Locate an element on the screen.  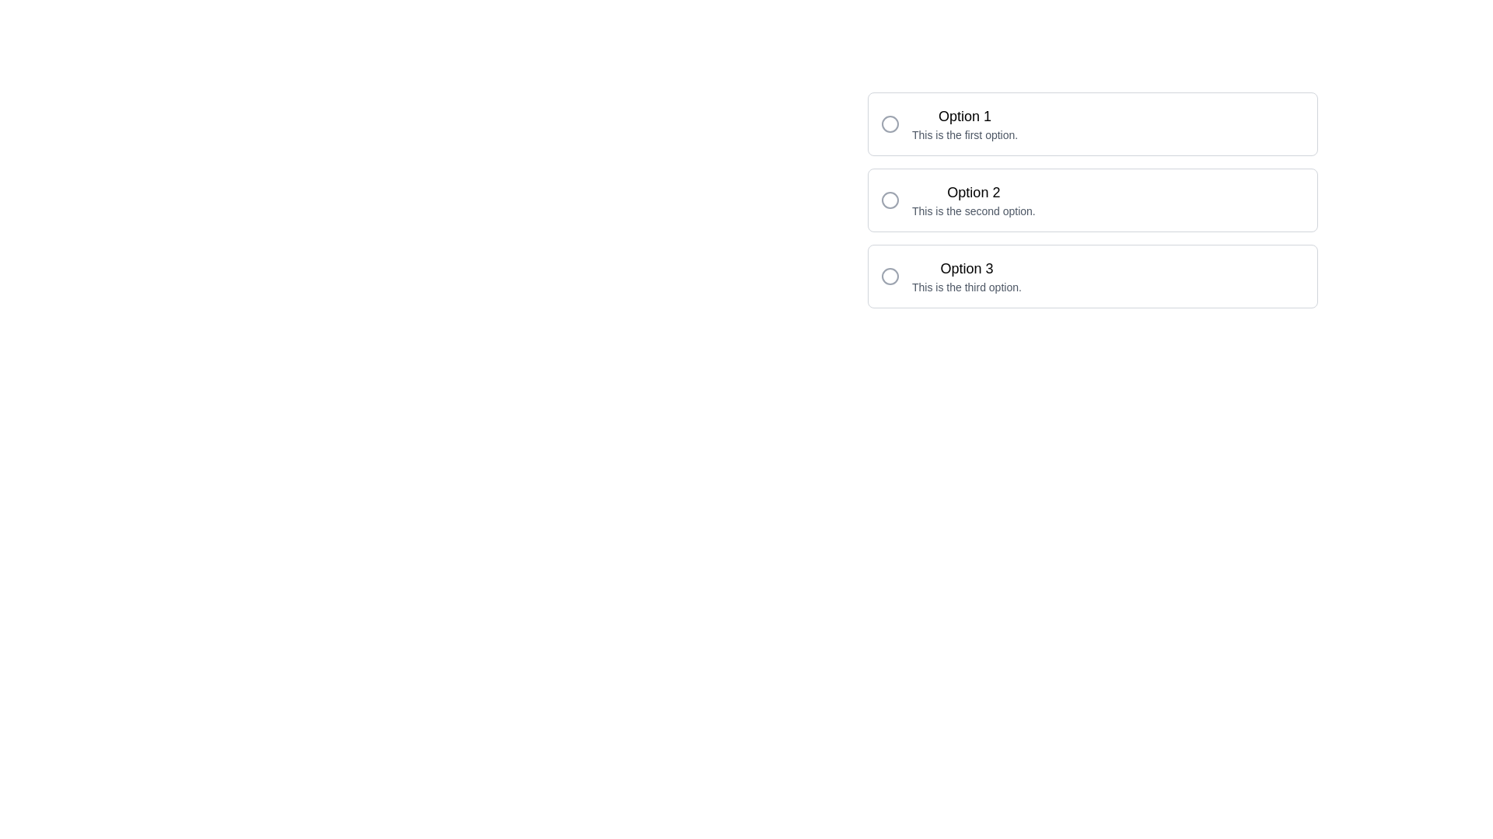
the radio button (circle) icon that serves as the selection indicator for the second option in a list, marking 'Option 2' as the chosen item is located at coordinates (890, 200).